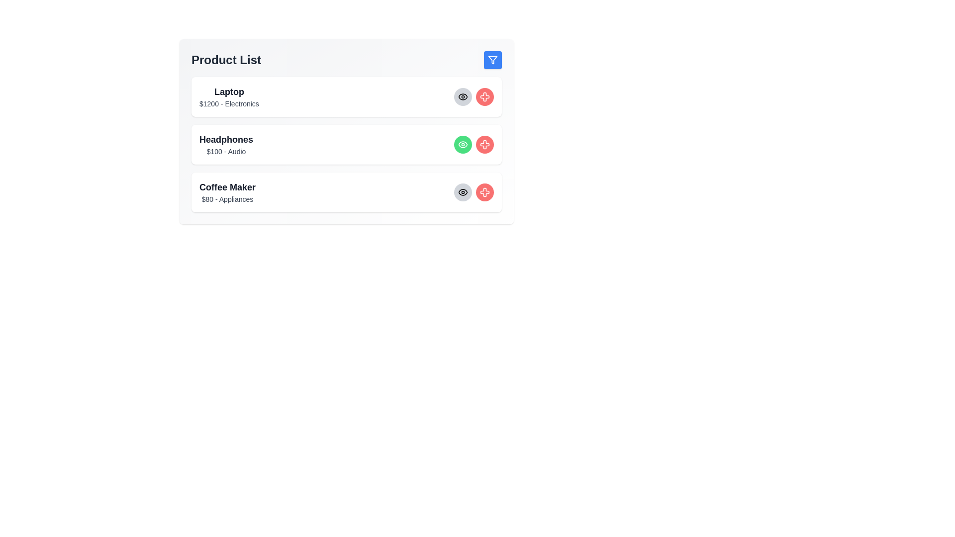 Image resolution: width=955 pixels, height=537 pixels. Describe the element at coordinates (484, 192) in the screenshot. I see `remove button for the product Coffee Maker` at that location.